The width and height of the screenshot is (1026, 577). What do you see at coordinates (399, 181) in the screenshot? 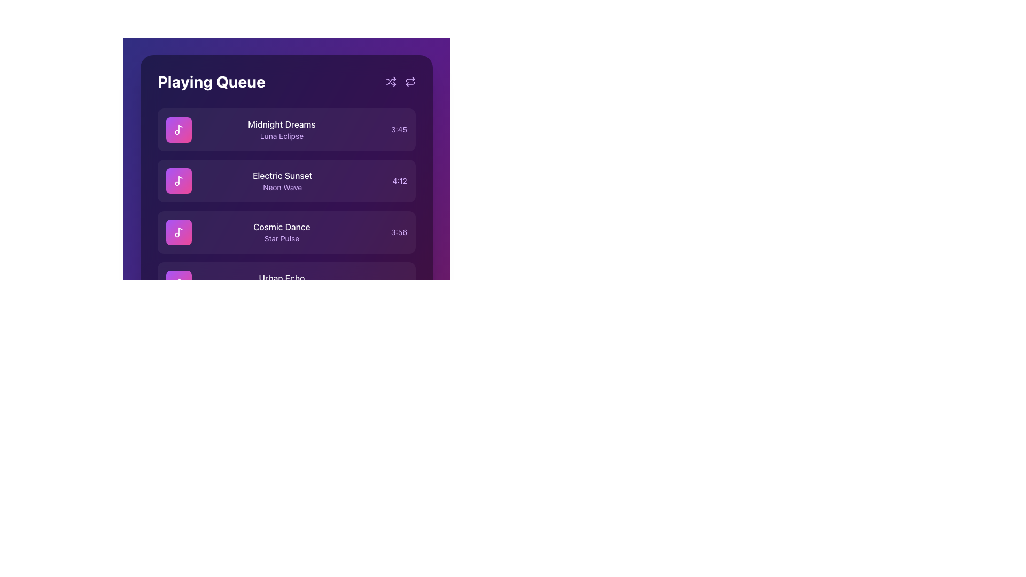
I see `the text label that displays the duration of the song in the queue, positioned to the far-right of the song title 'Electric Sunset' and artist name 'Neon Wave', which is the second entry in a vertical list` at bounding box center [399, 181].